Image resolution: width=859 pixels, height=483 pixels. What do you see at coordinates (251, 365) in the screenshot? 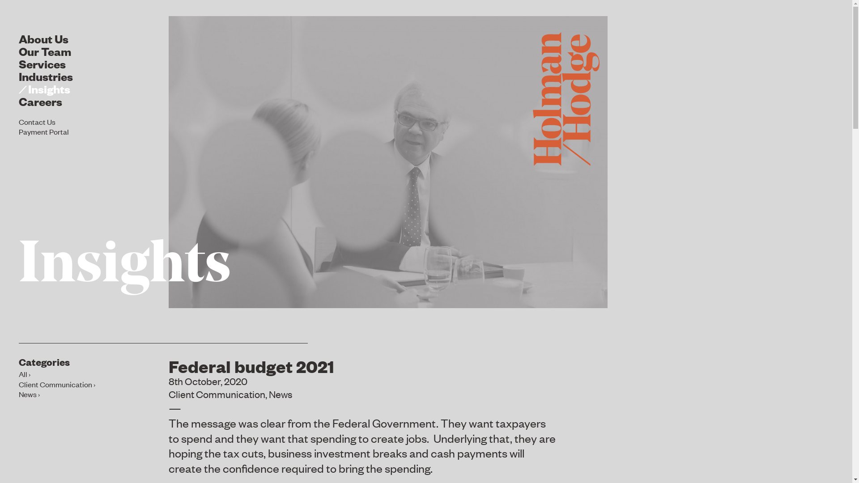
I see `'Federal budget 2021'` at bounding box center [251, 365].